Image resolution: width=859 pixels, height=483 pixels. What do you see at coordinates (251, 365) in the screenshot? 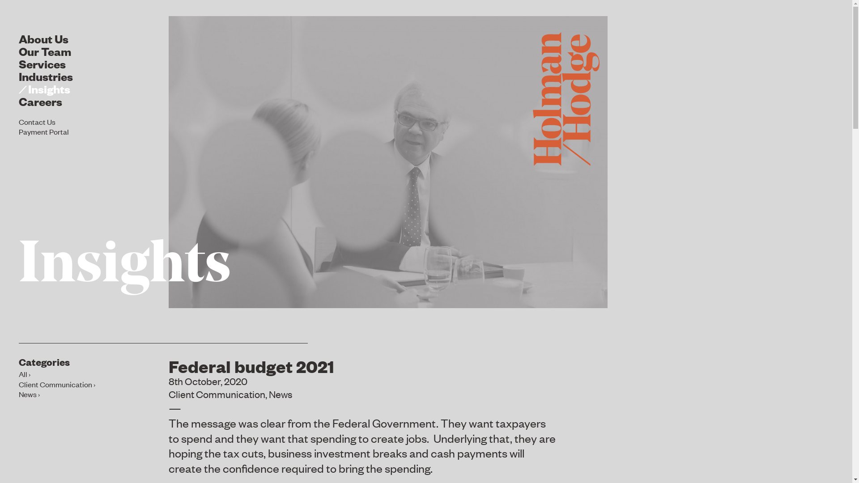
I see `'Federal budget 2021'` at bounding box center [251, 365].